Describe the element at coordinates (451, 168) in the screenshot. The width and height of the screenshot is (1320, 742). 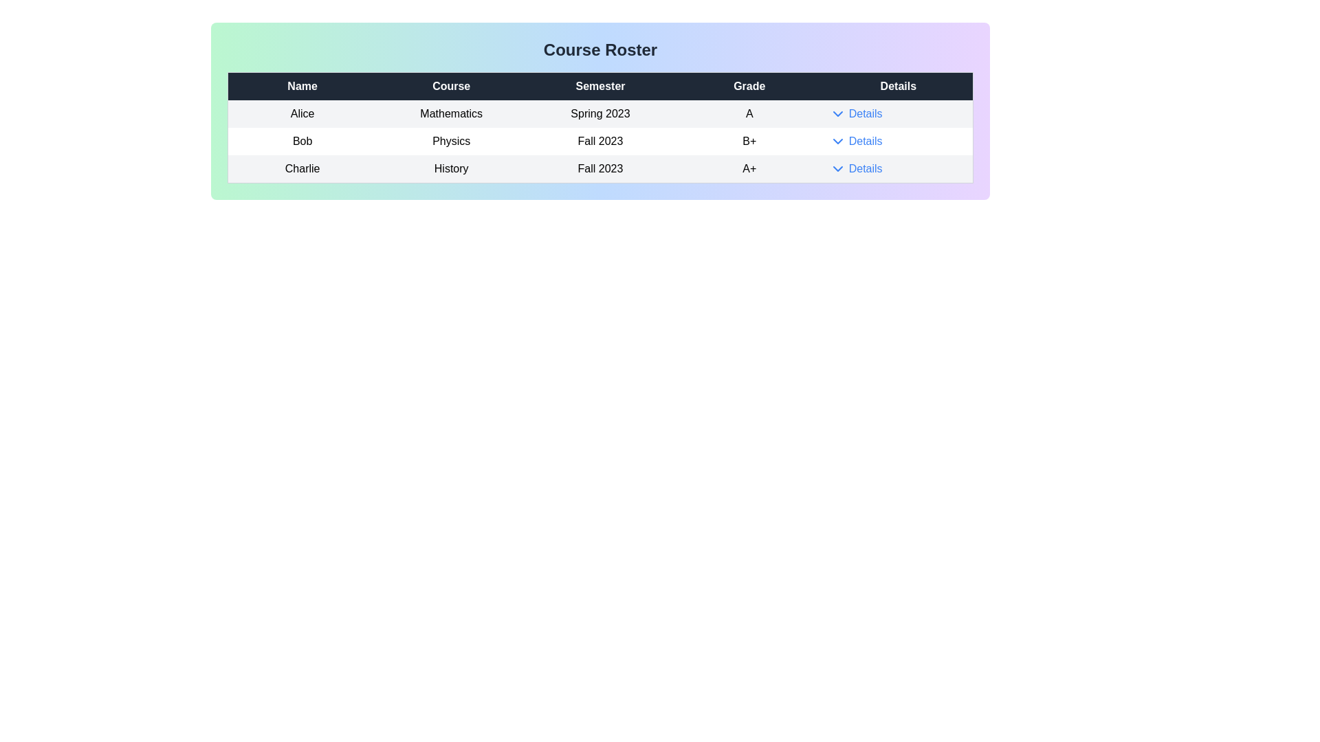
I see `the non-interactive Text Label displaying the course name 'History' in the third row, second column of the table associated with 'Charlie'` at that location.